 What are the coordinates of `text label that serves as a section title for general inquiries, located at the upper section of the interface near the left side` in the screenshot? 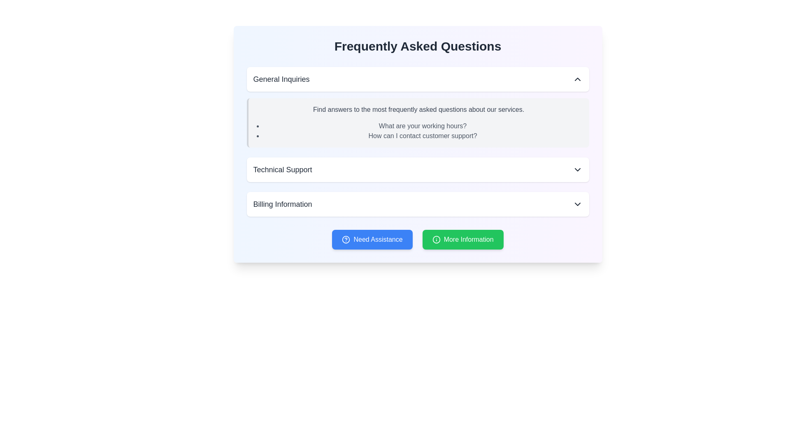 It's located at (281, 79).